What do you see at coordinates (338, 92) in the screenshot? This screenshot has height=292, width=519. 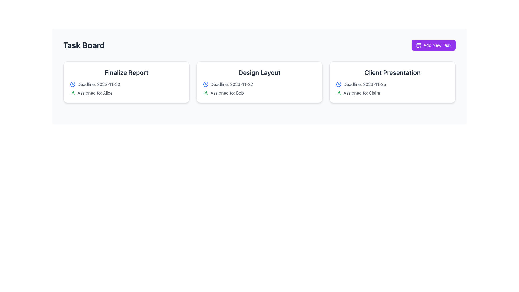 I see `the icon representing the user Claire, located to the left of the text 'Assigned to: Claire' in the 'Client Presentation' card on the task board` at bounding box center [338, 92].